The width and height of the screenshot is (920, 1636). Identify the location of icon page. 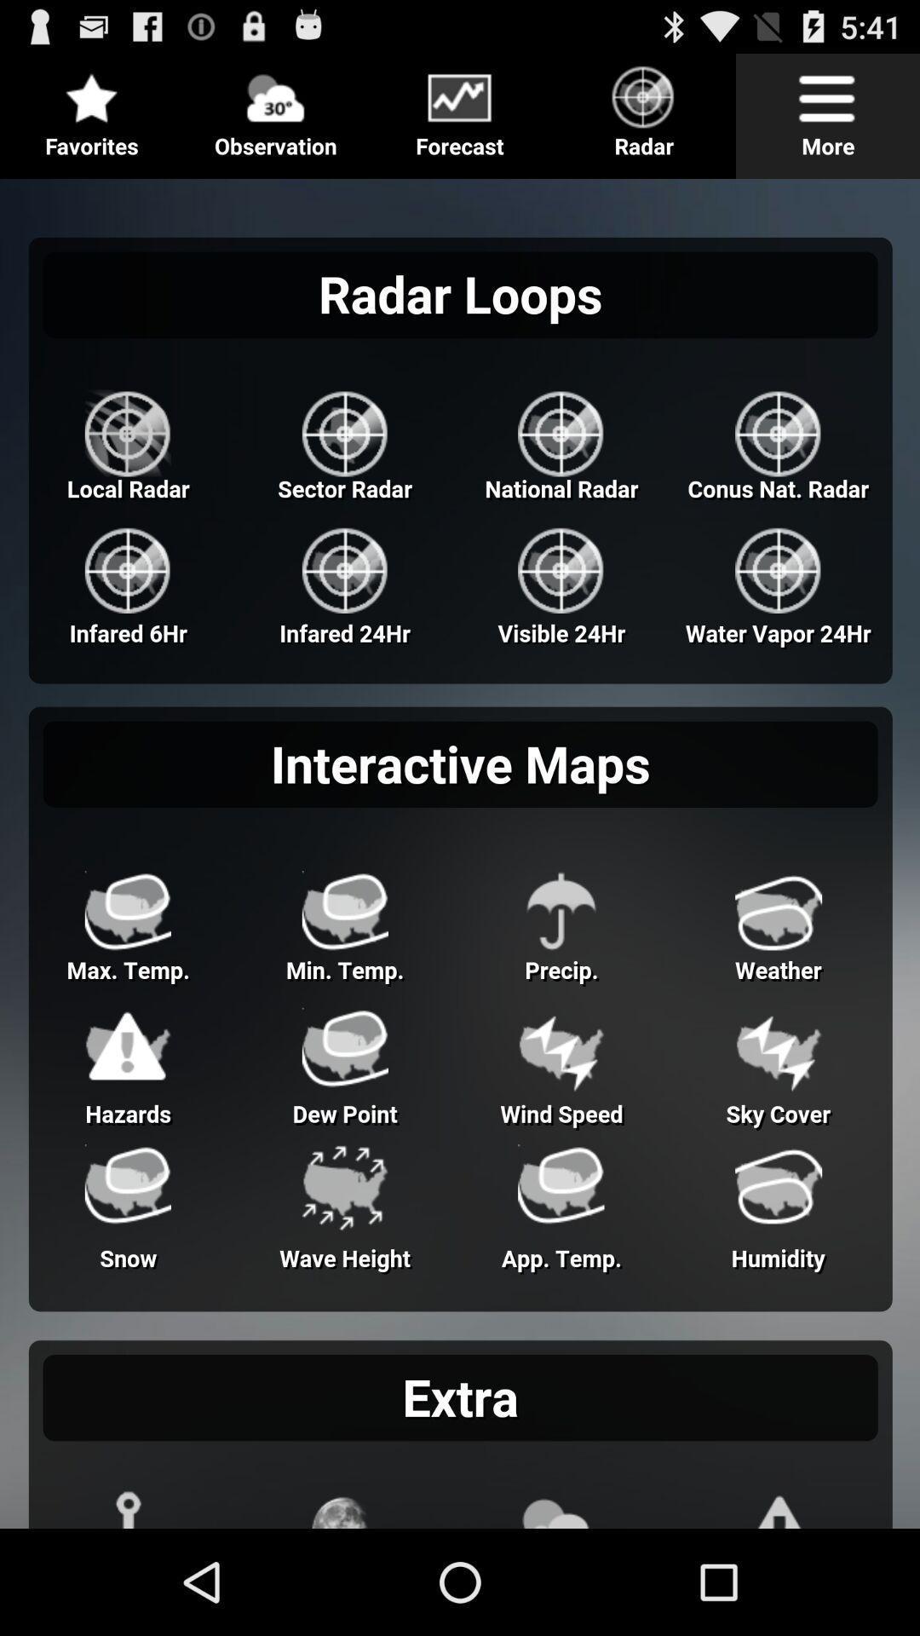
(460, 108).